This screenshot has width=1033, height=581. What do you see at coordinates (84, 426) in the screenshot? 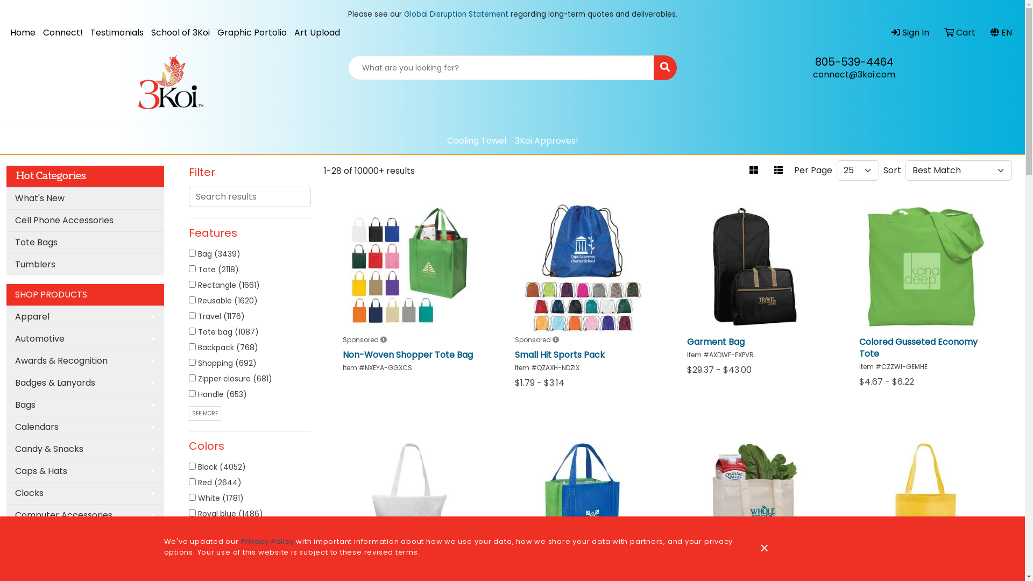
I see `'Calendars'` at bounding box center [84, 426].